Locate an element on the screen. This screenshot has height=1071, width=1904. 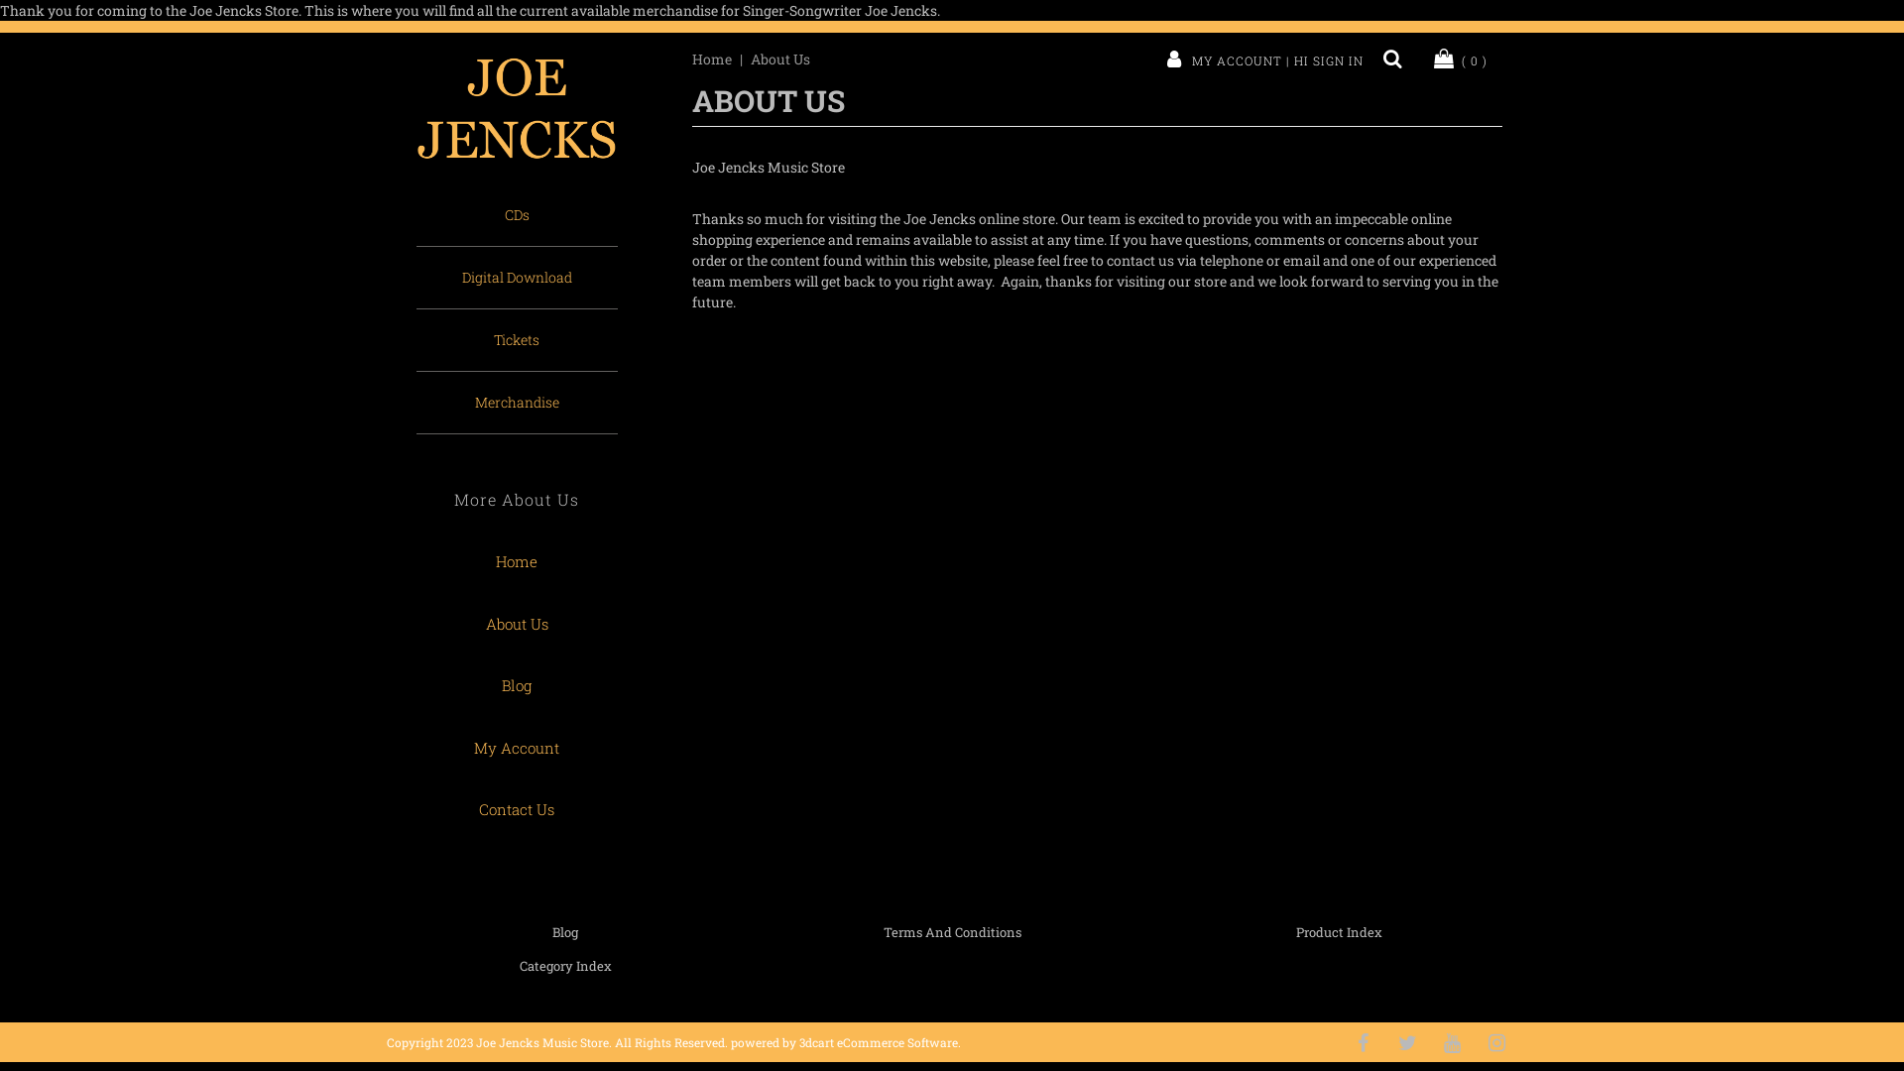
'MY ACCOUNT | HI SIGN IN' is located at coordinates (1260, 59).